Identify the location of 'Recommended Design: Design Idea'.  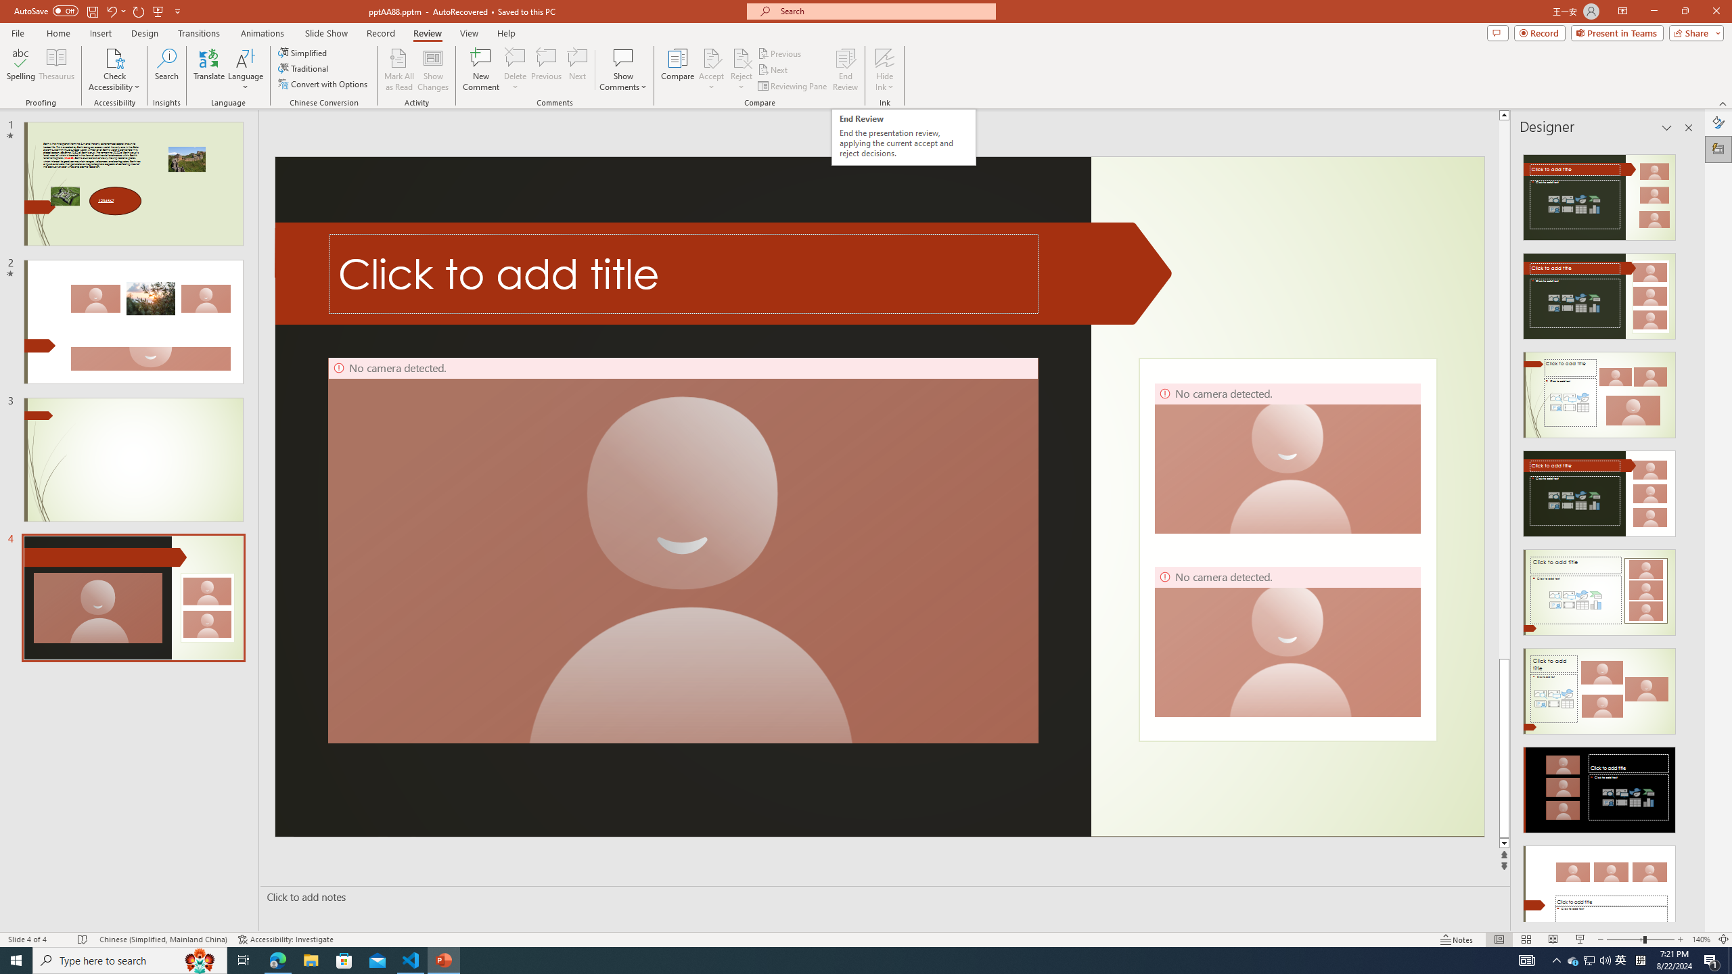
(1599, 192).